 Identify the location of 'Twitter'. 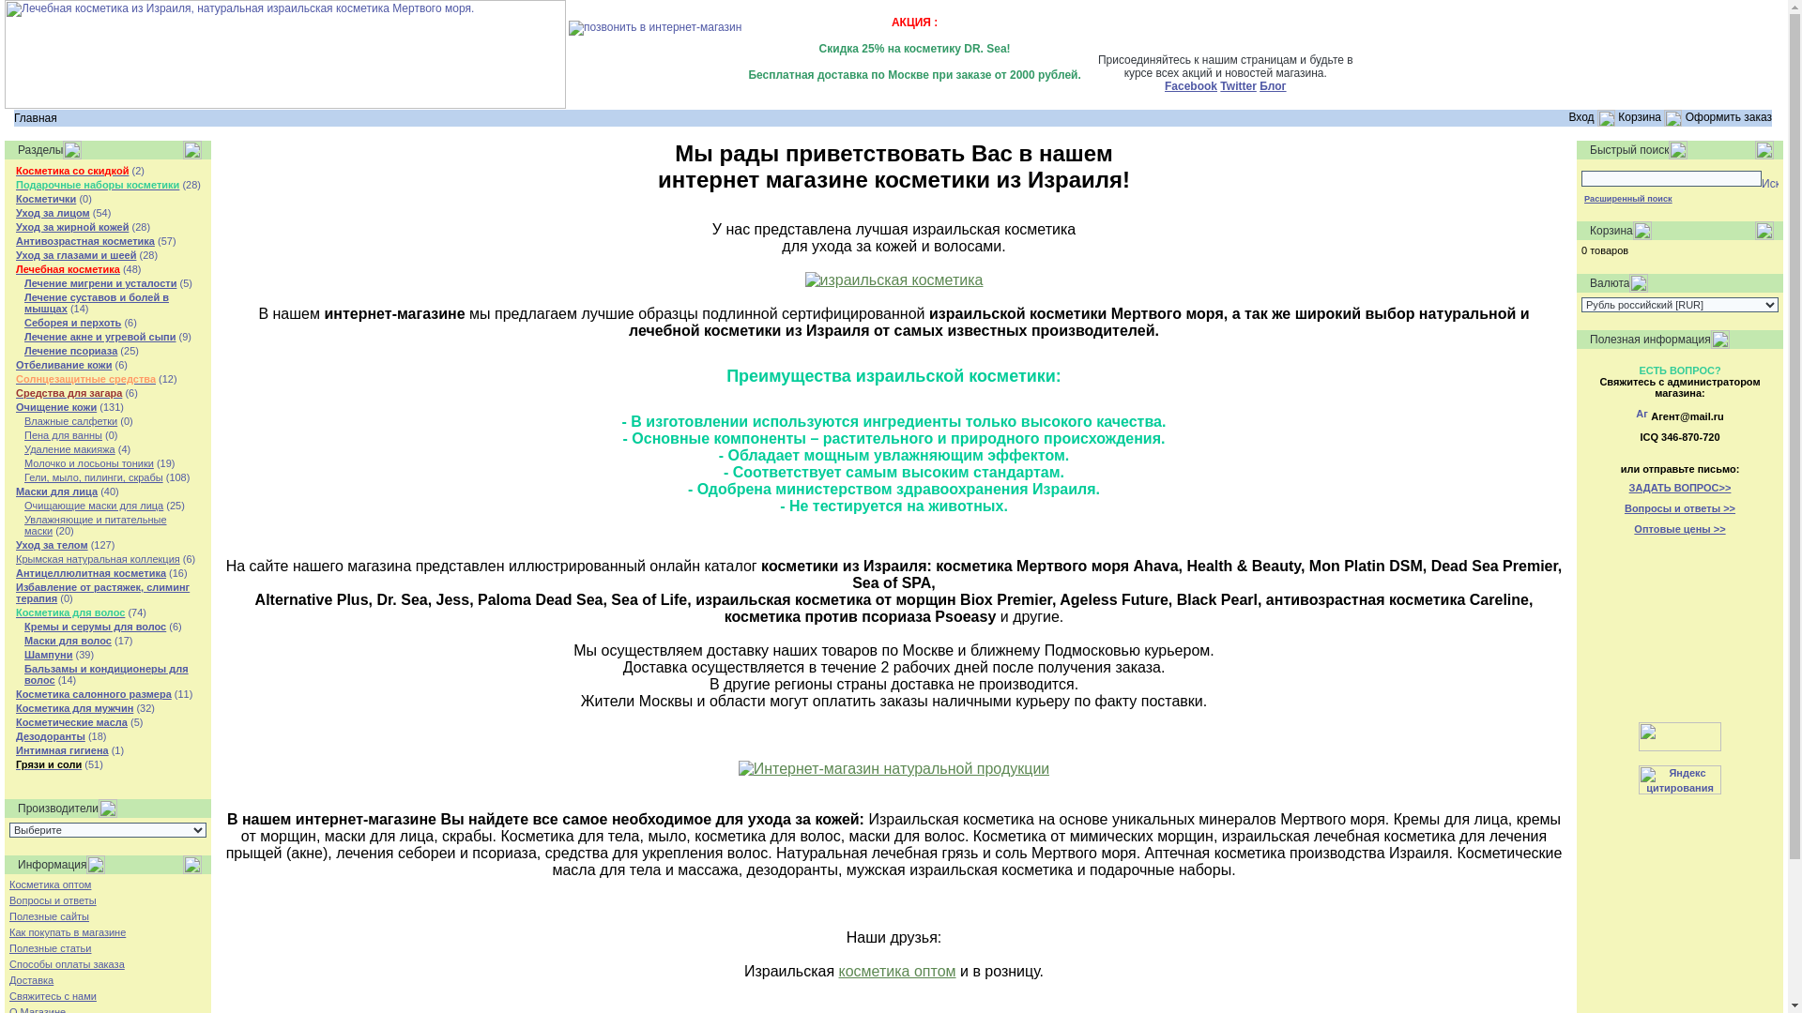
(1238, 86).